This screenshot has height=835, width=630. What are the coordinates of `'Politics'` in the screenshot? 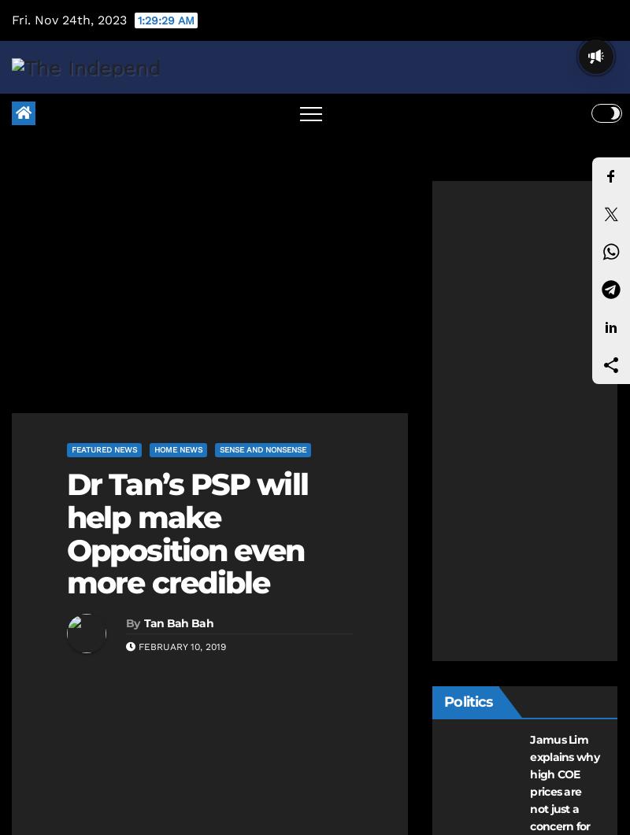 It's located at (444, 700).